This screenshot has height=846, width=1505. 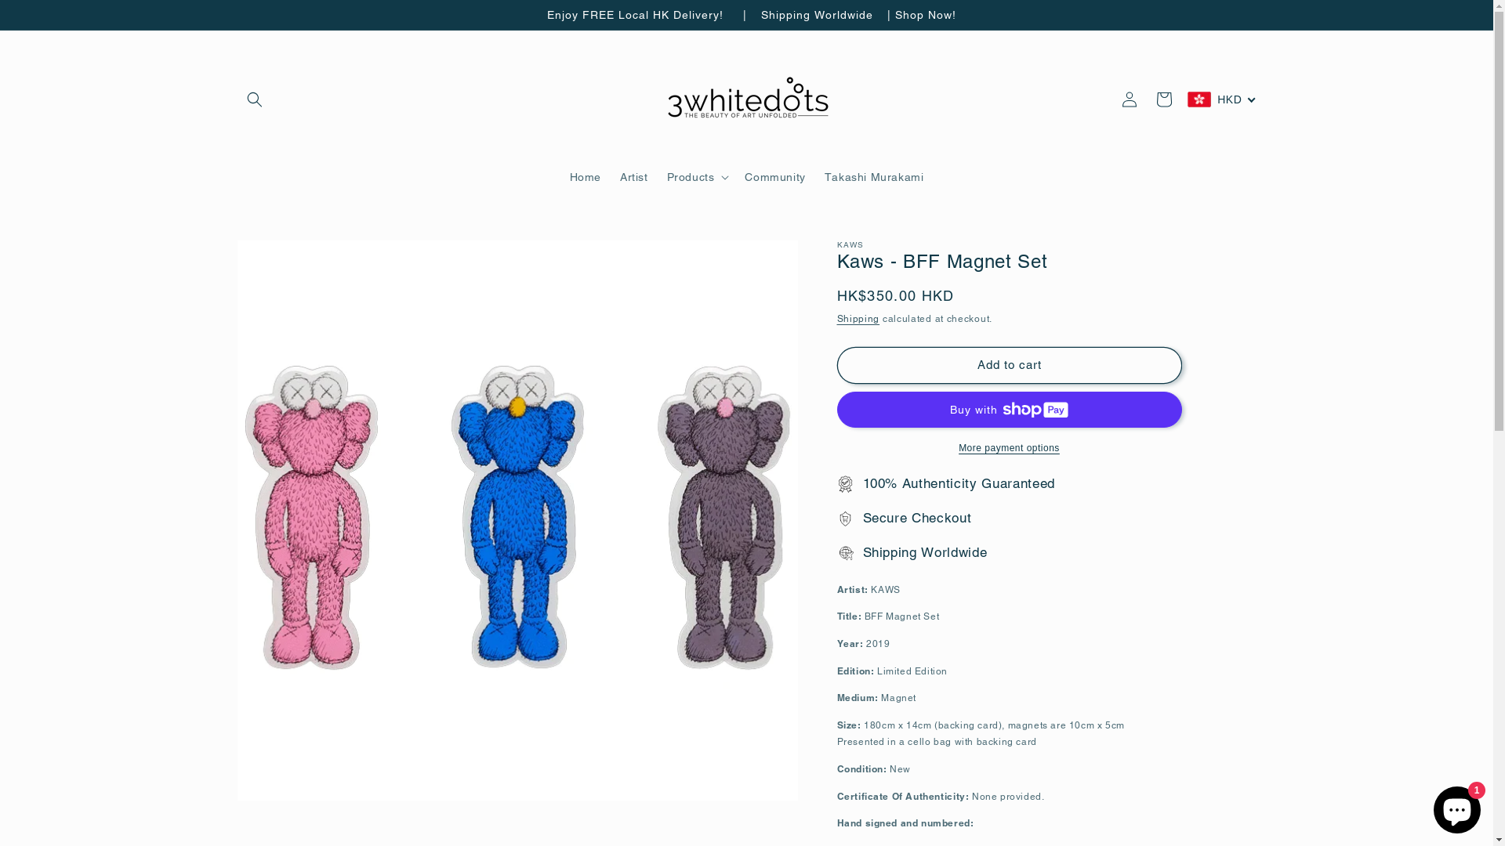 What do you see at coordinates (1009, 365) in the screenshot?
I see `'Add to cart'` at bounding box center [1009, 365].